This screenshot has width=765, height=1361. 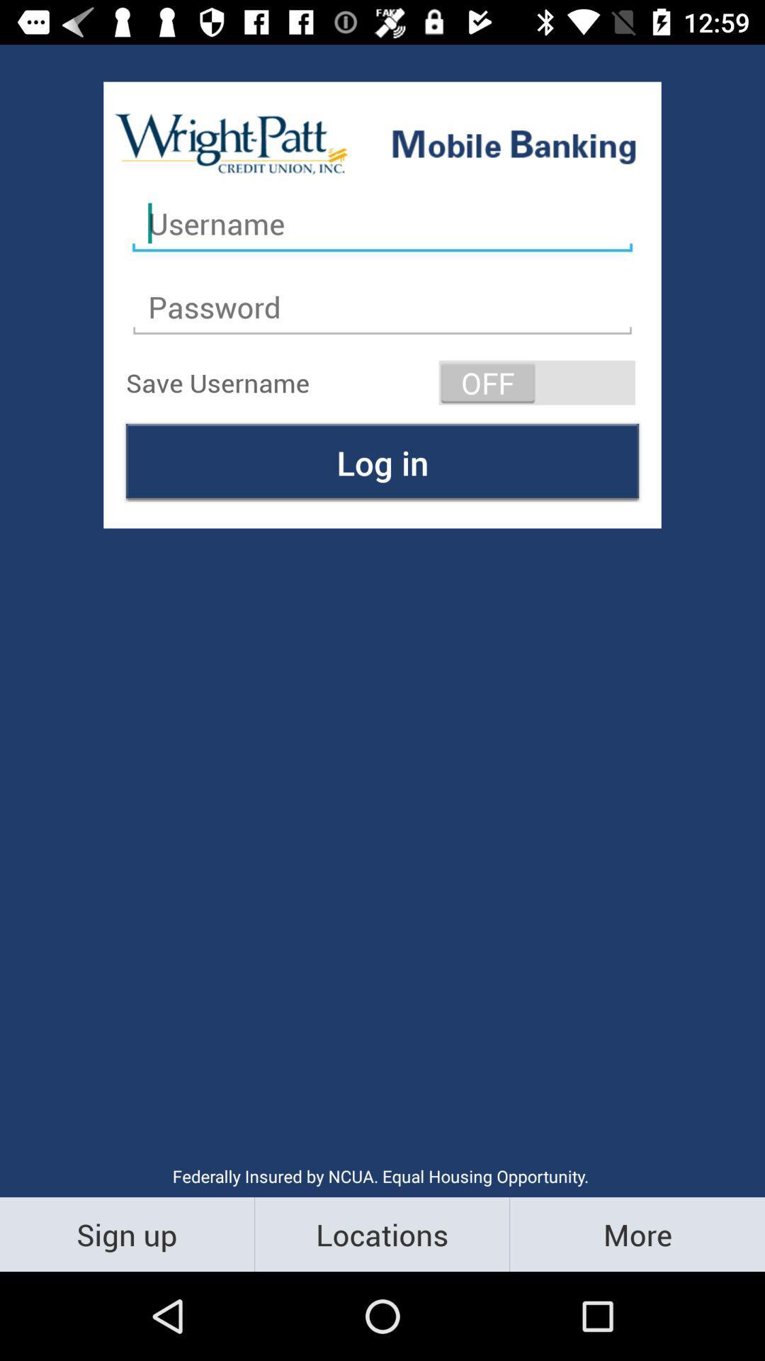 I want to click on the icon above federally insured by icon, so click(x=382, y=462).